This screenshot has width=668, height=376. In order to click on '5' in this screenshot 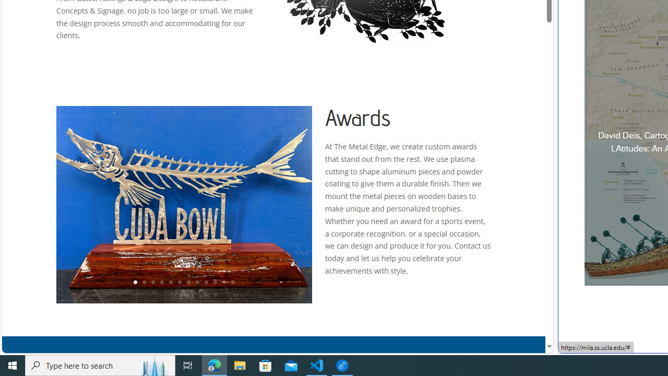, I will do `click(171, 283)`.